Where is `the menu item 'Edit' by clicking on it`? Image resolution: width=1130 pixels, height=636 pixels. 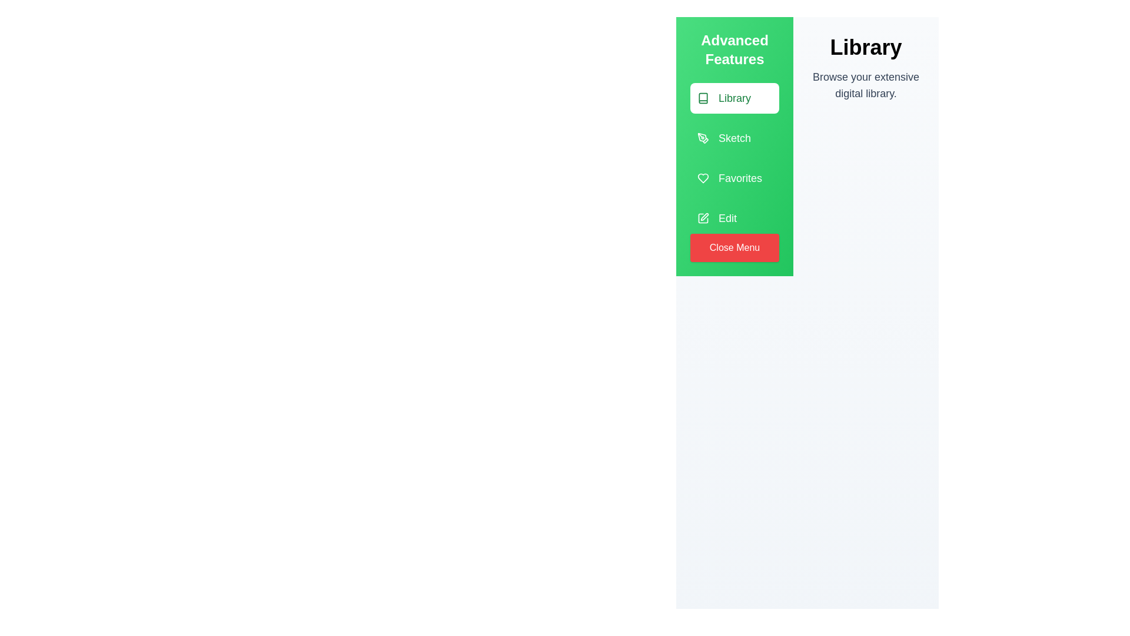
the menu item 'Edit' by clicking on it is located at coordinates (734, 218).